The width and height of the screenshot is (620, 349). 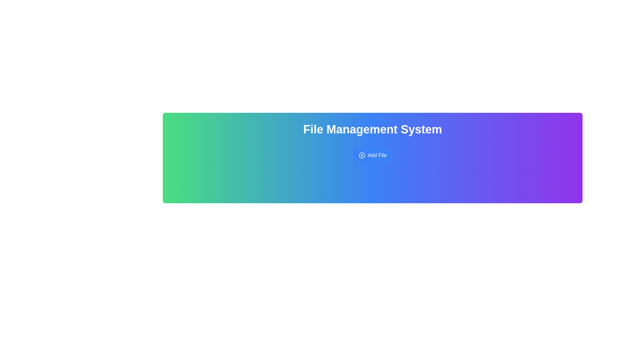 What do you see at coordinates (377, 155) in the screenshot?
I see `the 'Add File' button, which is a text label displayed in blue within a button component` at bounding box center [377, 155].